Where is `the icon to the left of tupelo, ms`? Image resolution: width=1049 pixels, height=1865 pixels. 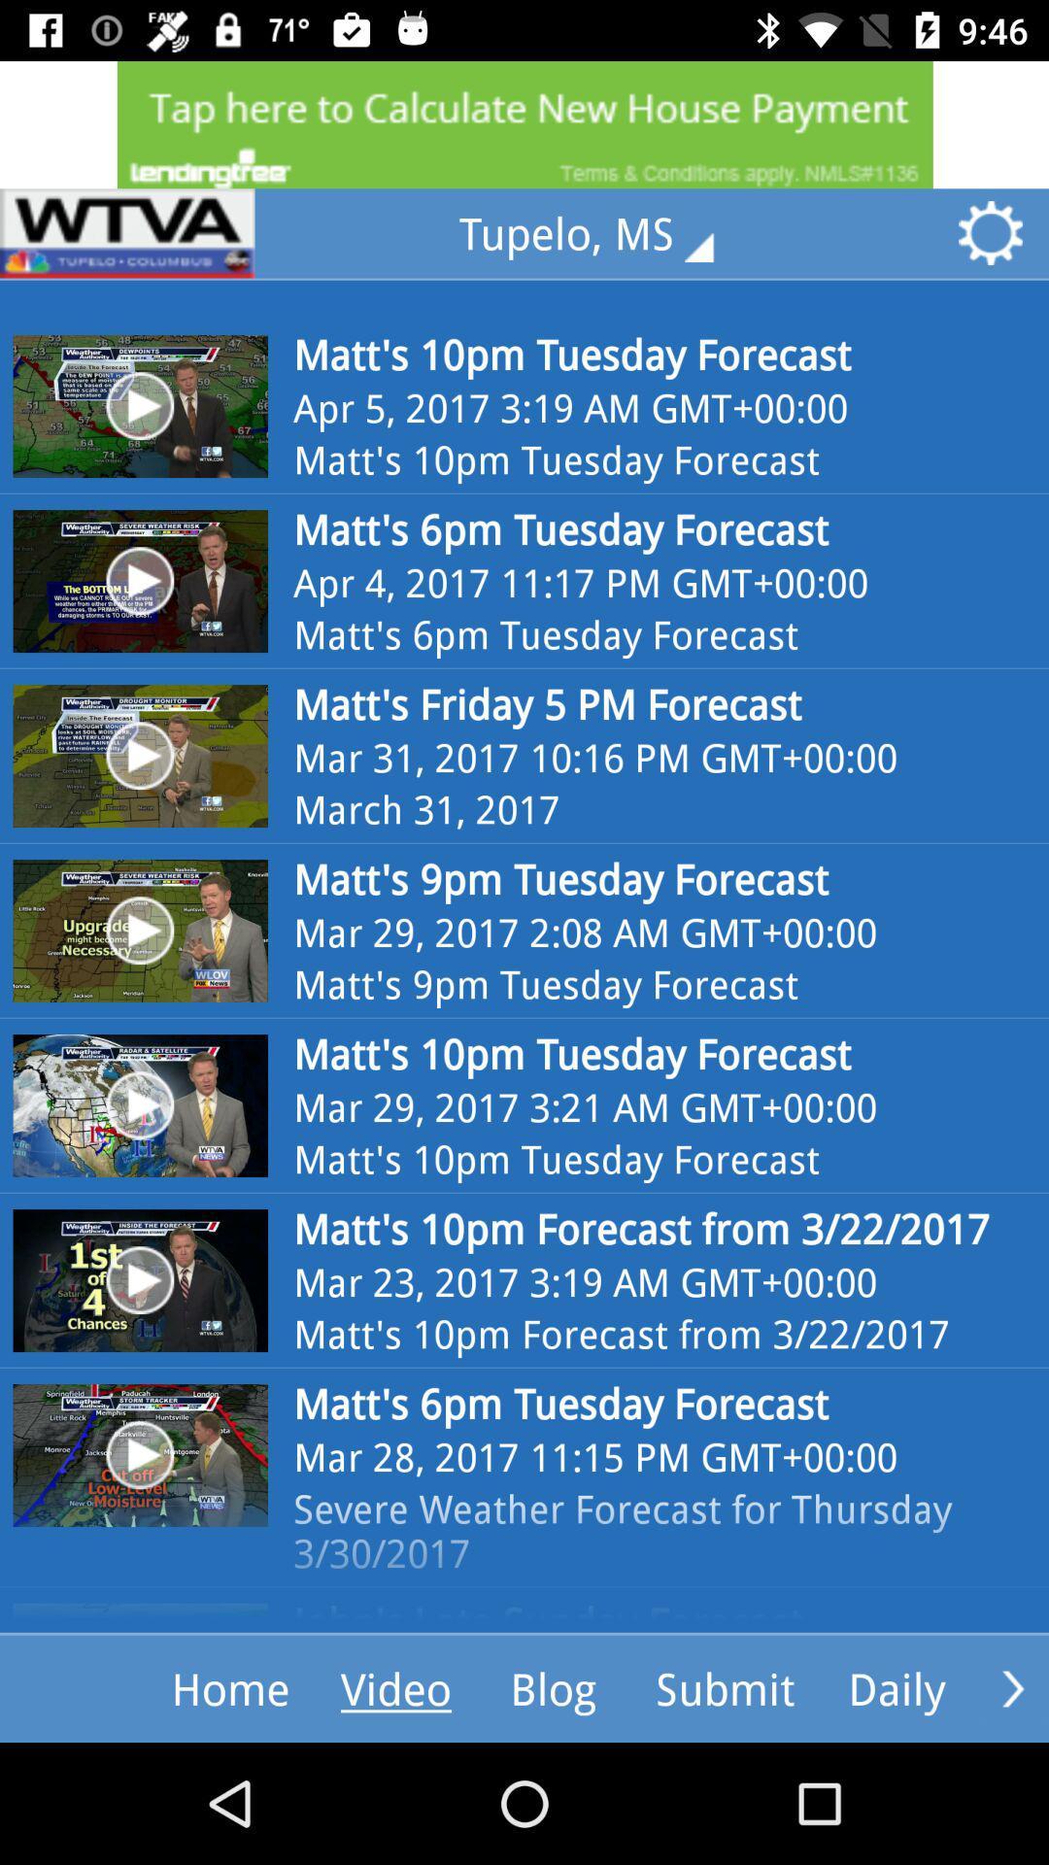 the icon to the left of tupelo, ms is located at coordinates (127, 233).